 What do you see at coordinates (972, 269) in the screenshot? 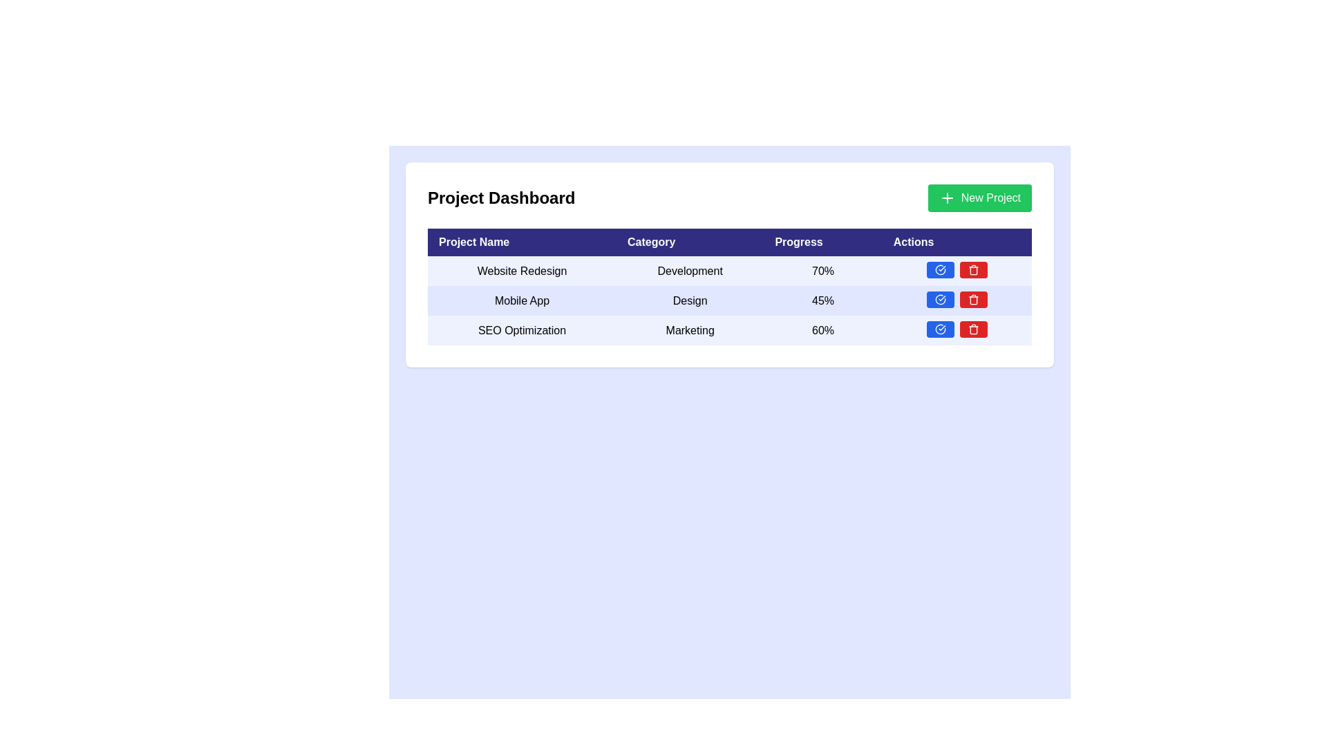
I see `the delete button with an SVG icon located in the 'Actions' column of the third row in the table` at bounding box center [972, 269].